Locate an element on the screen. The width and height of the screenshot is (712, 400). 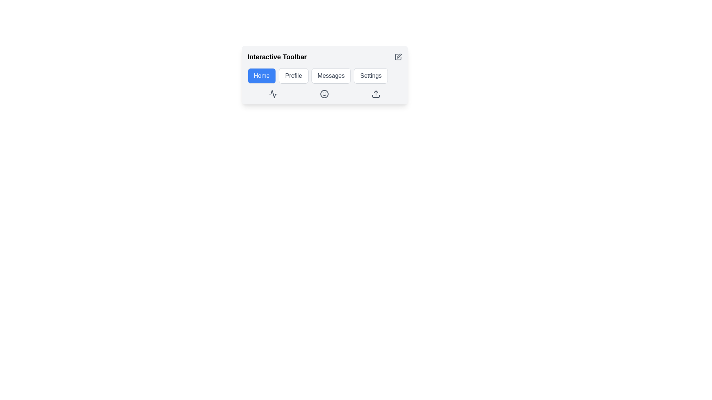
the upload icon with an upward-pointing arrow located in the bottom-right toolbar is located at coordinates (376, 94).